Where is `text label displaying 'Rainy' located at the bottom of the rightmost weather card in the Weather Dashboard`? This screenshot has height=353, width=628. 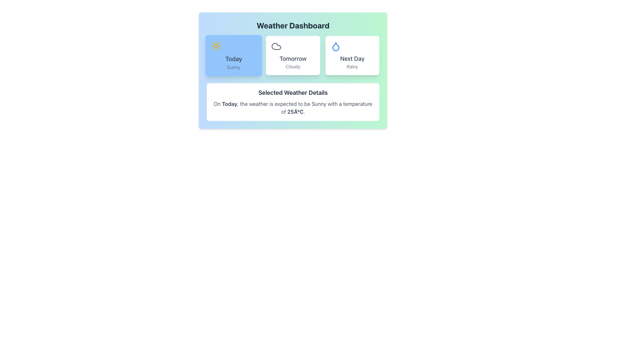 text label displaying 'Rainy' located at the bottom of the rightmost weather card in the Weather Dashboard is located at coordinates (352, 67).